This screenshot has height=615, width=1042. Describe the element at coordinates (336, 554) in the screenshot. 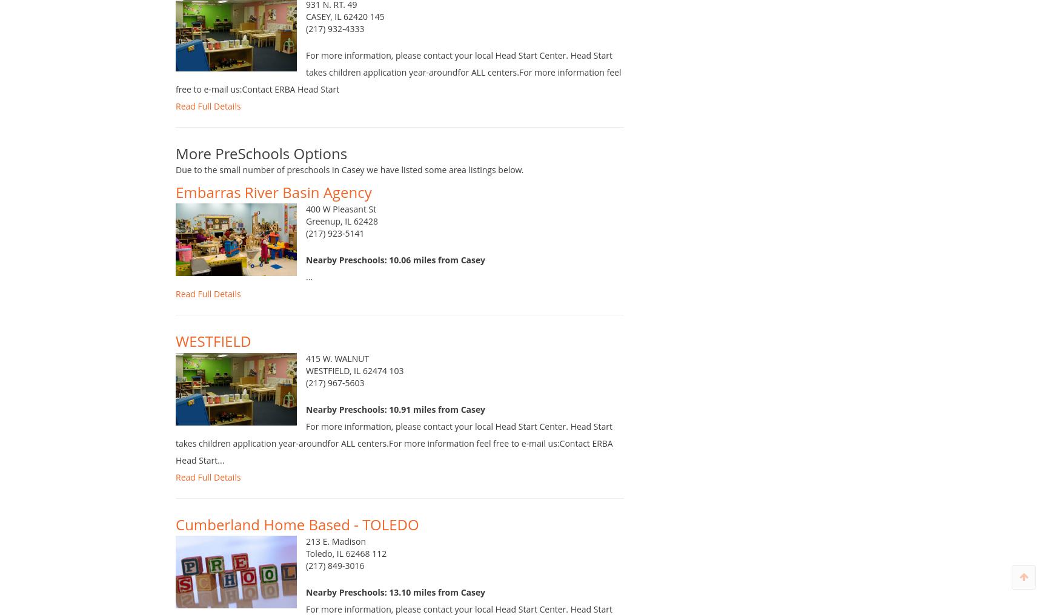

I see `'213 E. Madison'` at that location.